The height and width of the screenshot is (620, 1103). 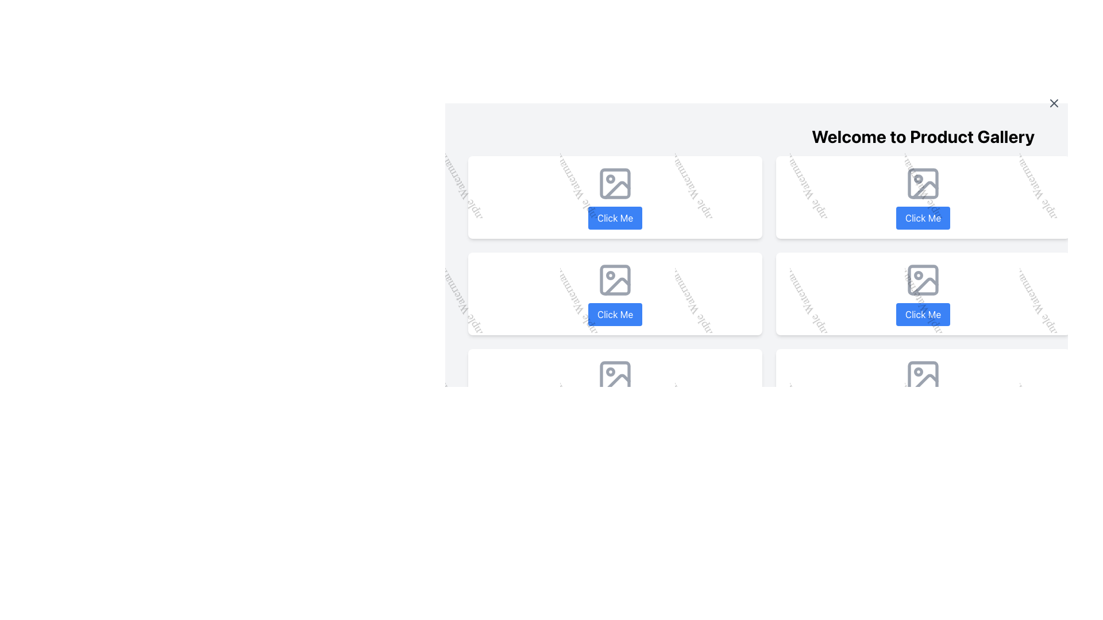 What do you see at coordinates (614, 293) in the screenshot?
I see `the button labeled 'Click Me' within the fourth card component in the grid layout, positioned in the second row and first column` at bounding box center [614, 293].